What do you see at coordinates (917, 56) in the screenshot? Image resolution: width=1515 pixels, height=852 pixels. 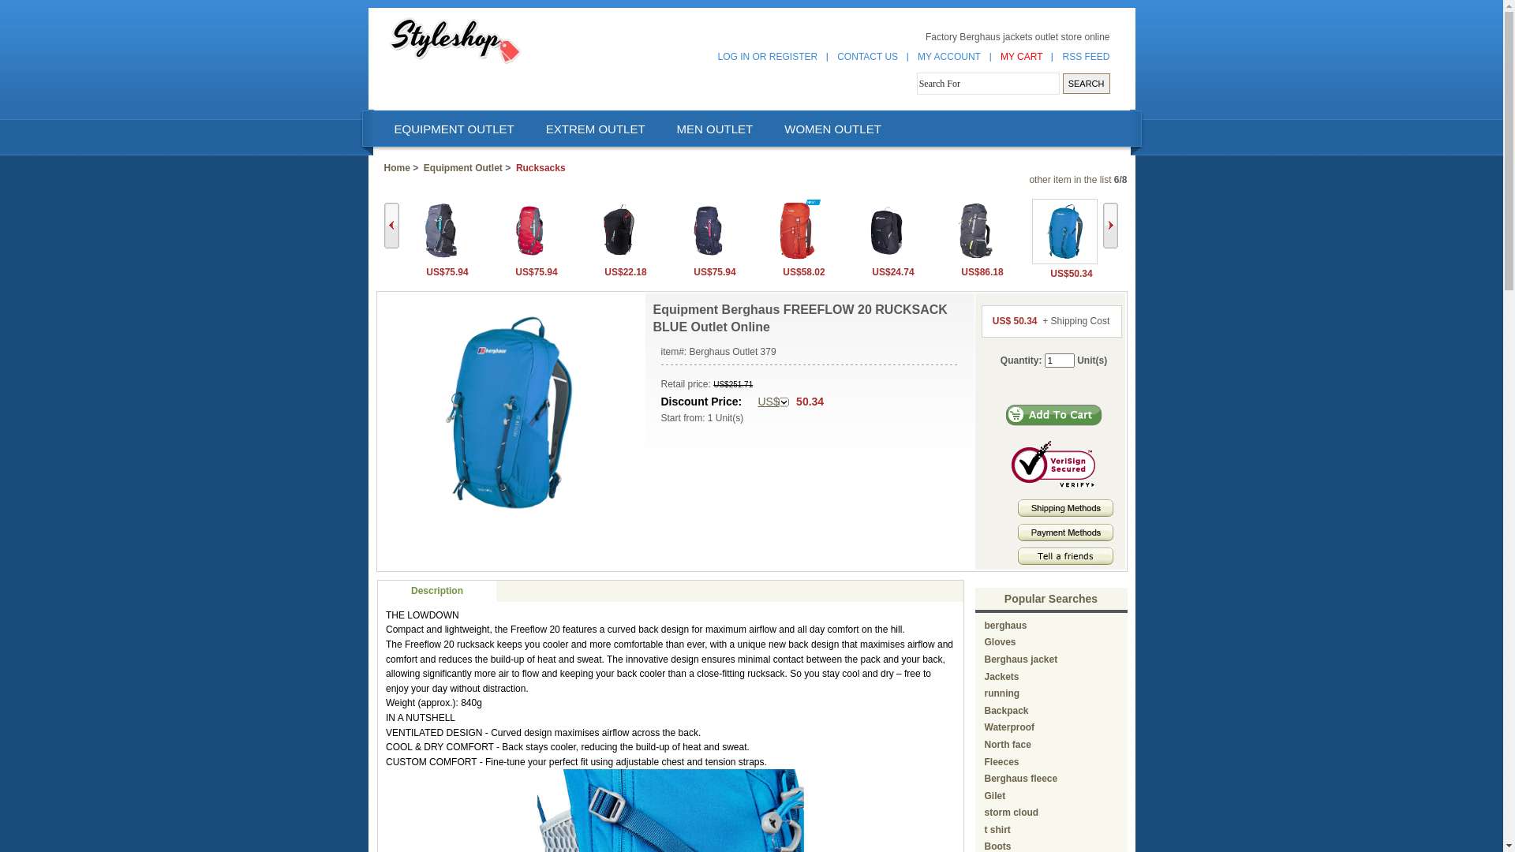 I see `'MY ACCOUNT'` at bounding box center [917, 56].